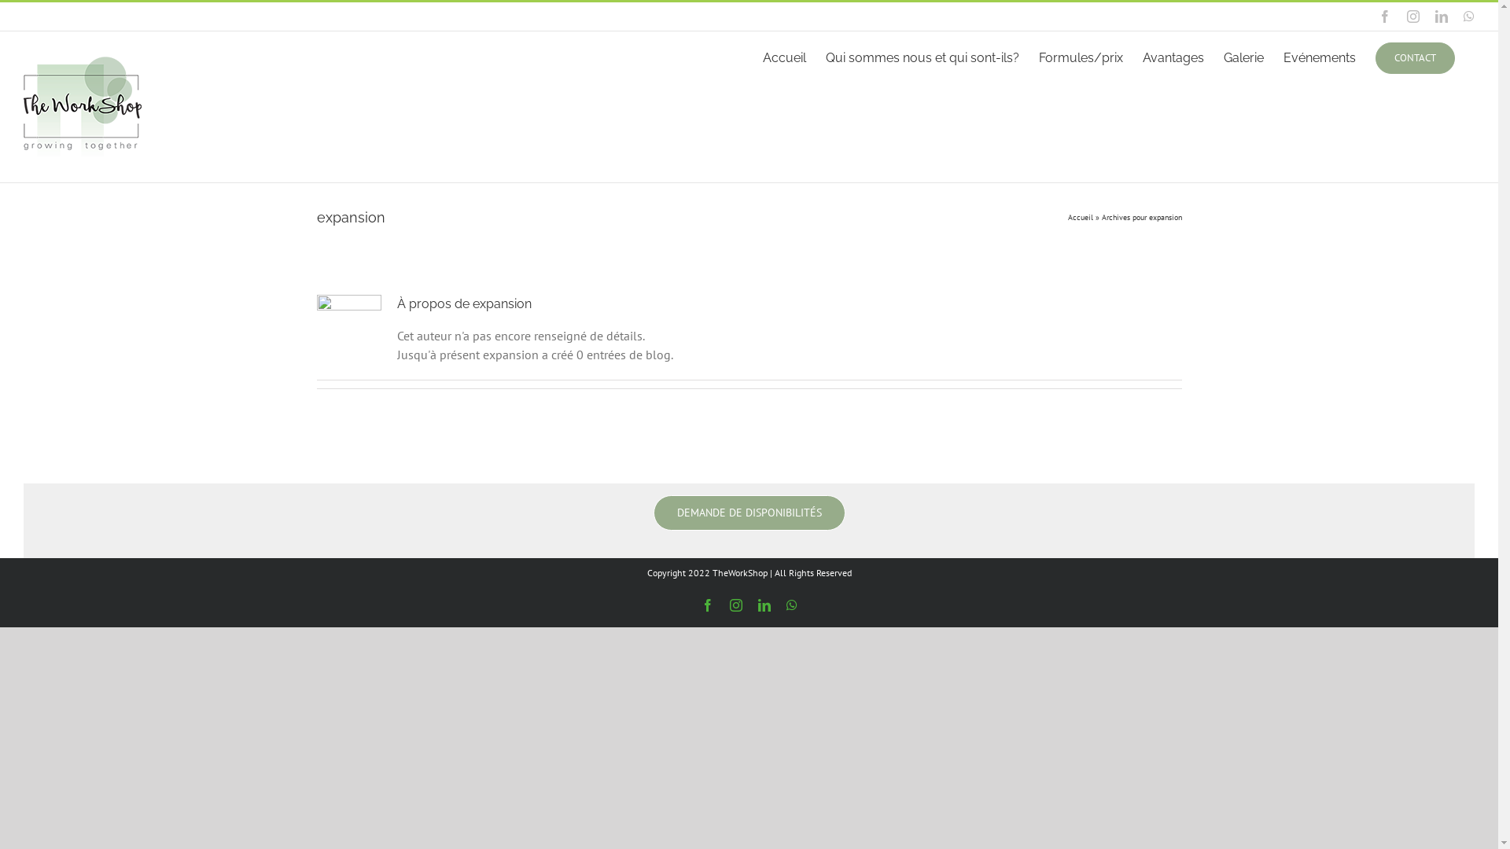  I want to click on 'Formules/prix', so click(1080, 56).